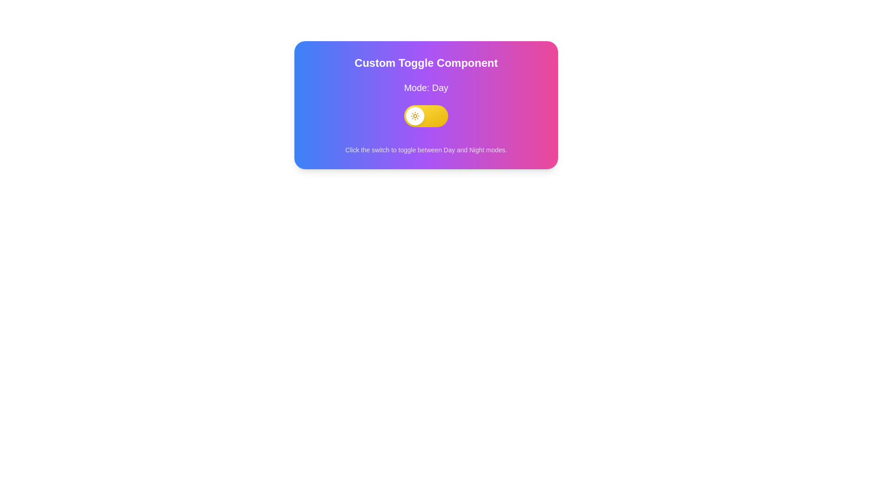  I want to click on the interactive toggle switch located in the 'Custom Toggle Component', so click(426, 118).